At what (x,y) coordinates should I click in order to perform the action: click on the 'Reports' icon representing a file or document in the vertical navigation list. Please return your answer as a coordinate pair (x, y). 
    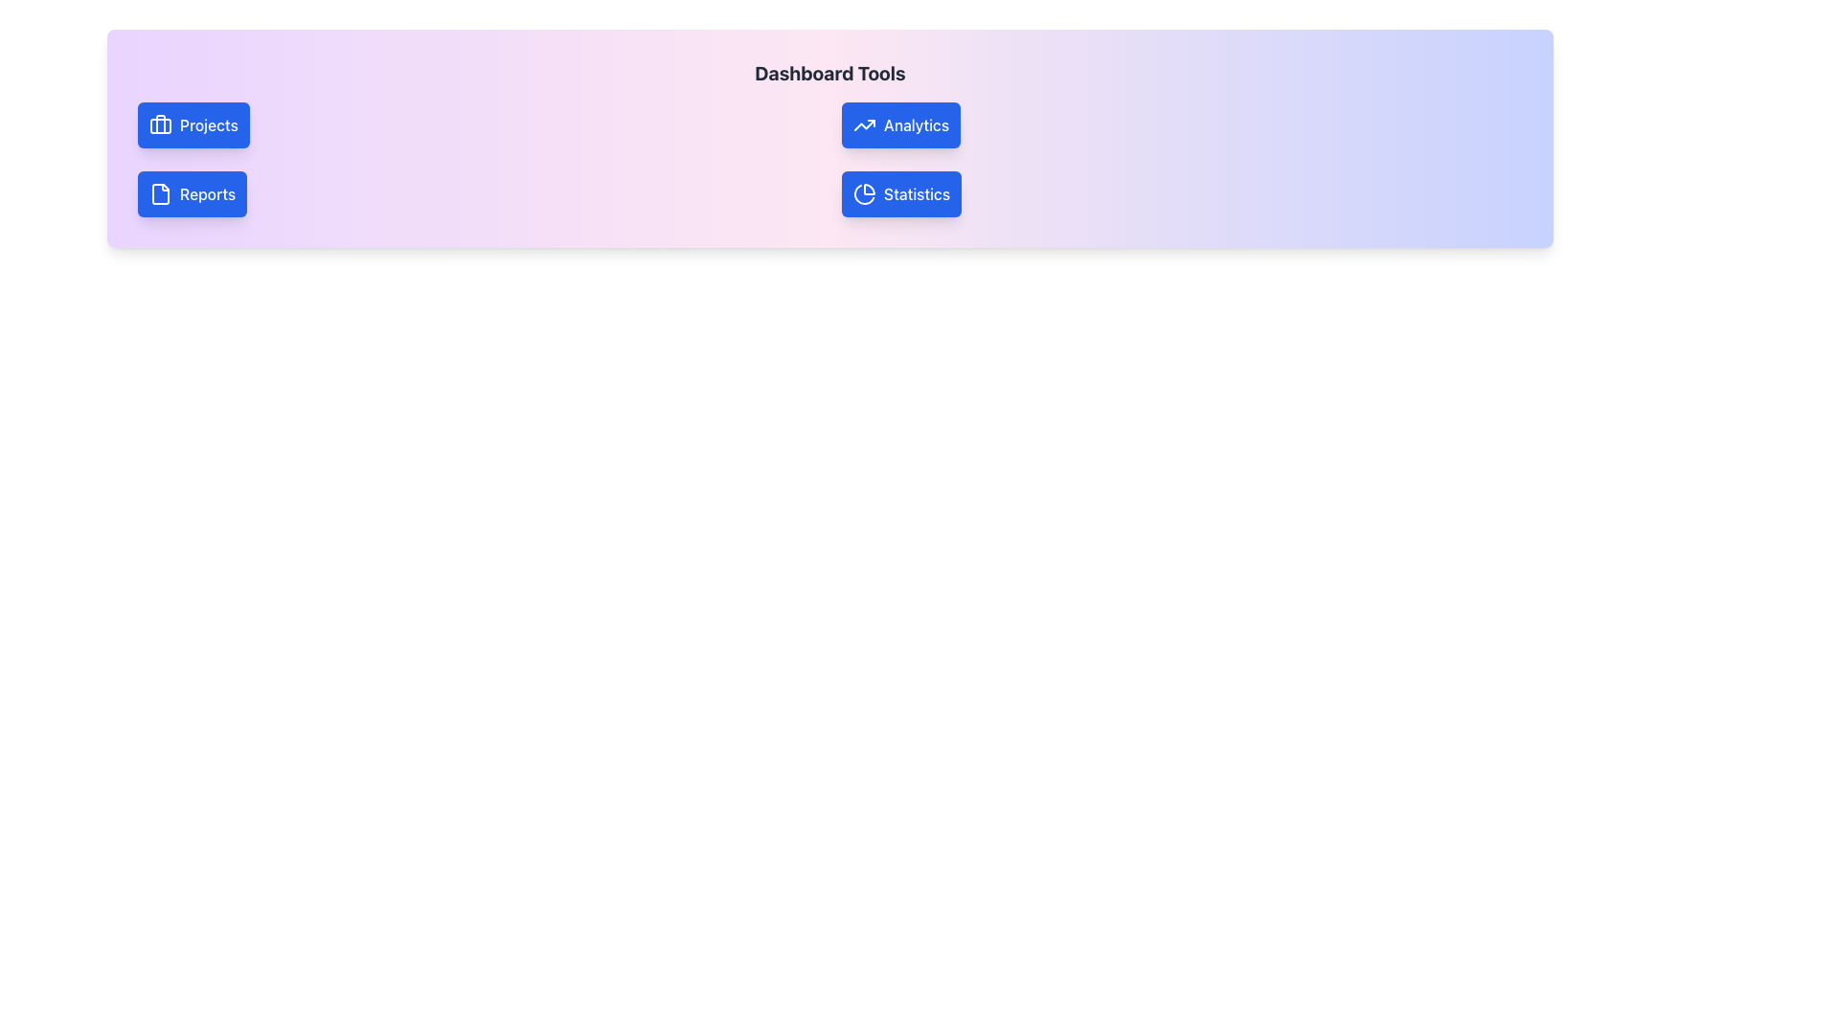
    Looking at the image, I should click on (161, 194).